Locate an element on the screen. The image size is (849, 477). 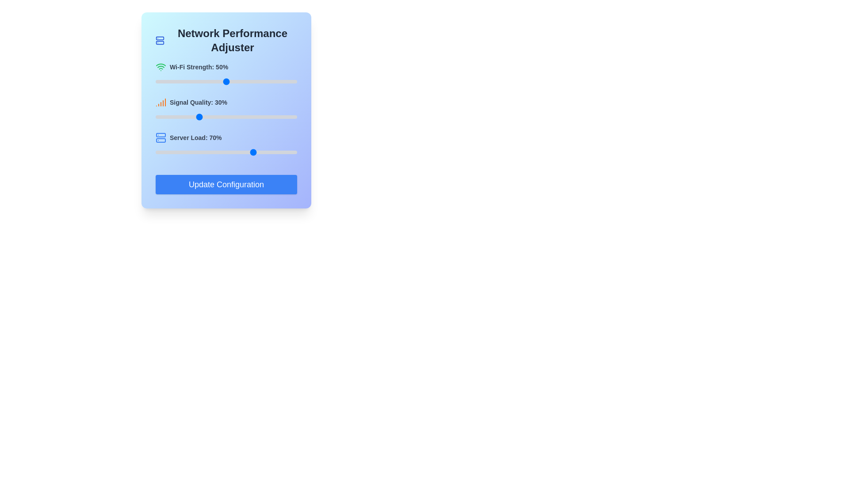
the server load slider is located at coordinates (263, 151).